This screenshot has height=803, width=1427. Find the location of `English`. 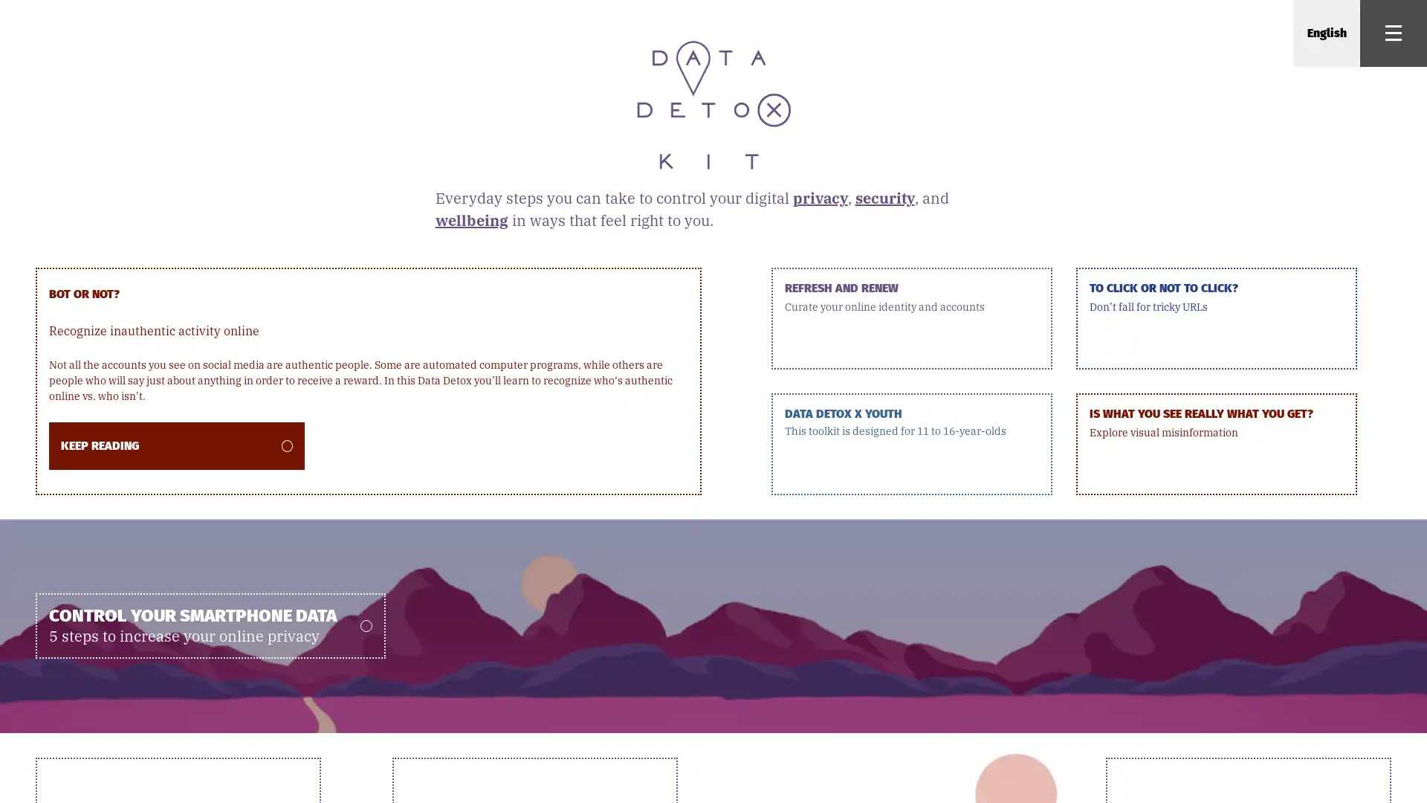

English is located at coordinates (1326, 33).